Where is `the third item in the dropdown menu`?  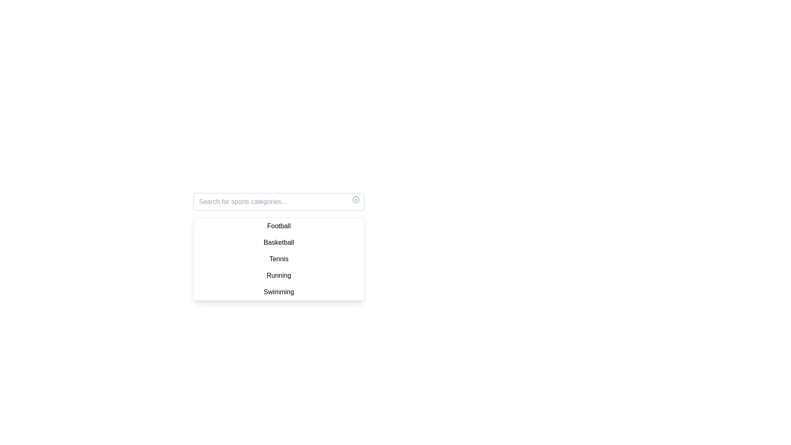 the third item in the dropdown menu is located at coordinates (278, 258).